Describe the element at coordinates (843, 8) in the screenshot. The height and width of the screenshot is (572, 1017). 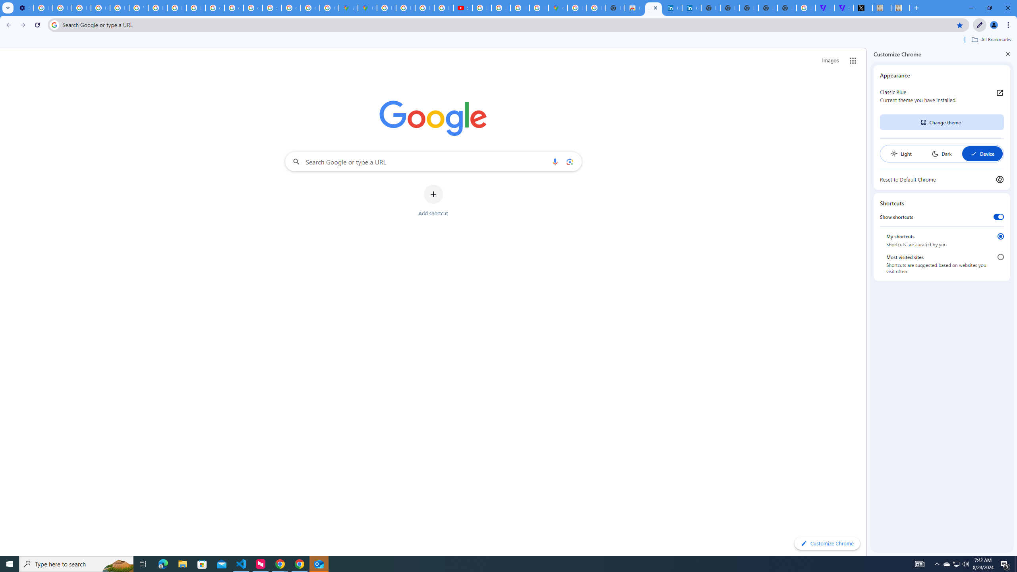
I see `'Streaming - The Verge'` at that location.